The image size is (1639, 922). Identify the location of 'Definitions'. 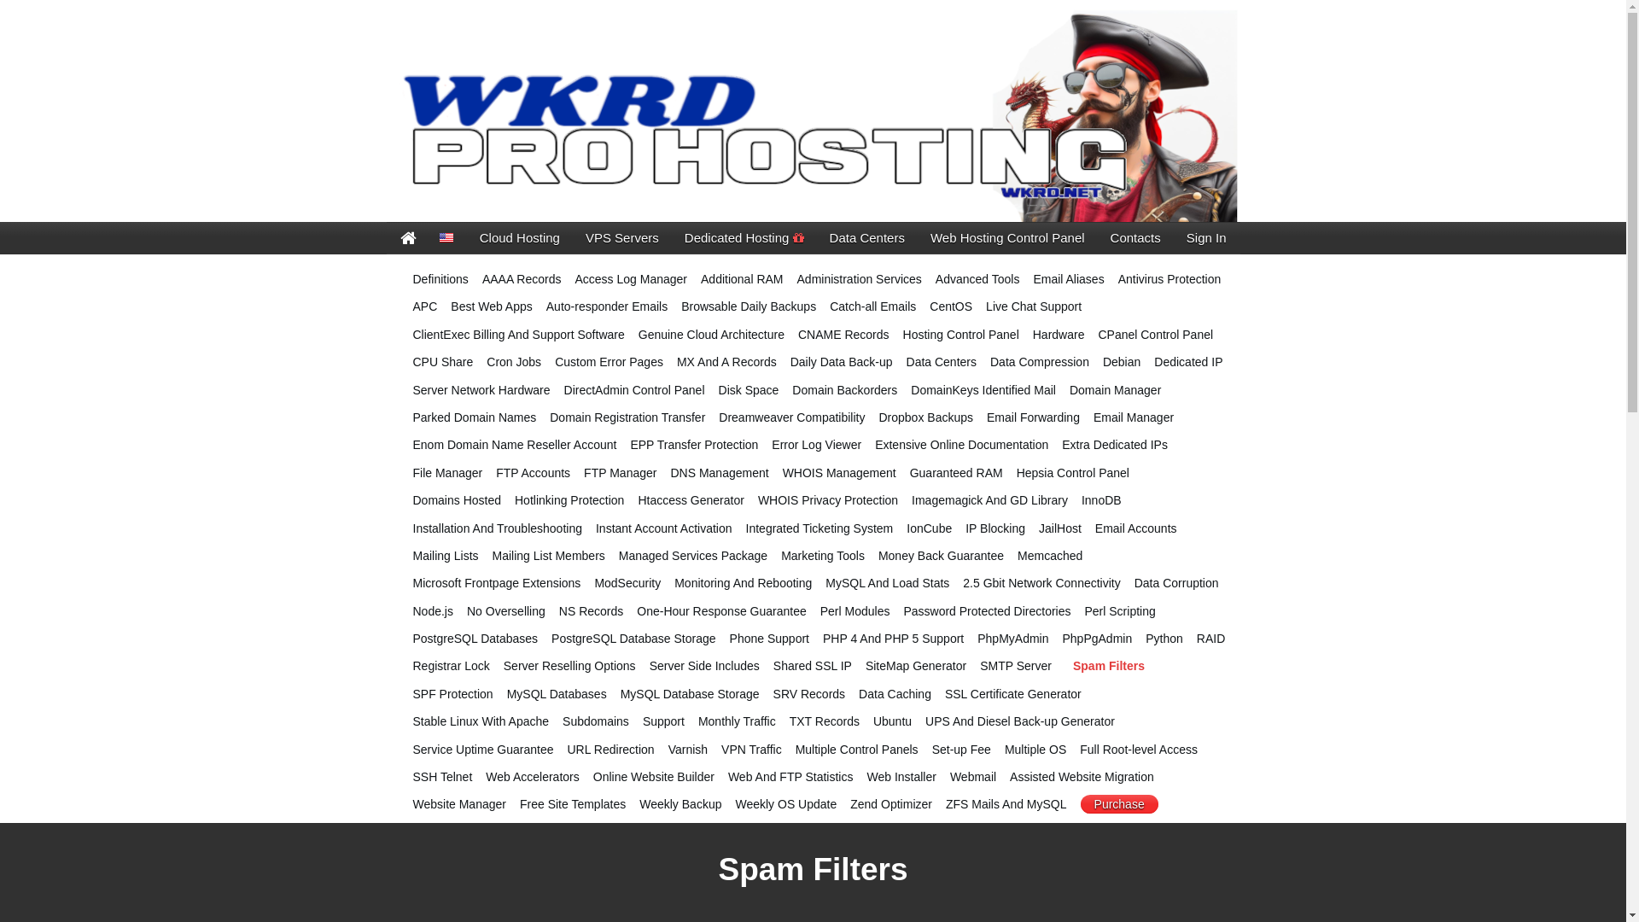
(440, 278).